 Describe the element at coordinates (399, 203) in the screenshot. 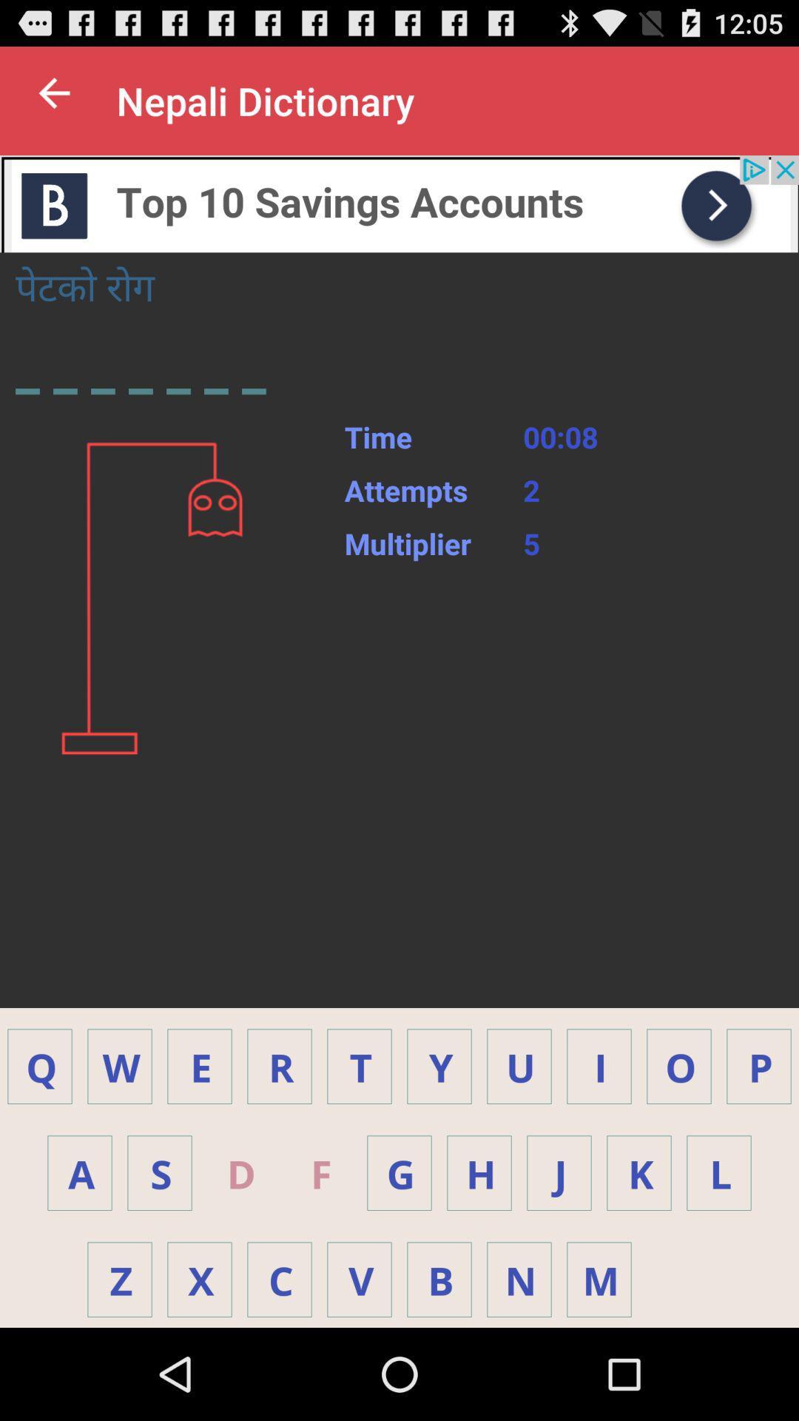

I see `advertisement` at that location.